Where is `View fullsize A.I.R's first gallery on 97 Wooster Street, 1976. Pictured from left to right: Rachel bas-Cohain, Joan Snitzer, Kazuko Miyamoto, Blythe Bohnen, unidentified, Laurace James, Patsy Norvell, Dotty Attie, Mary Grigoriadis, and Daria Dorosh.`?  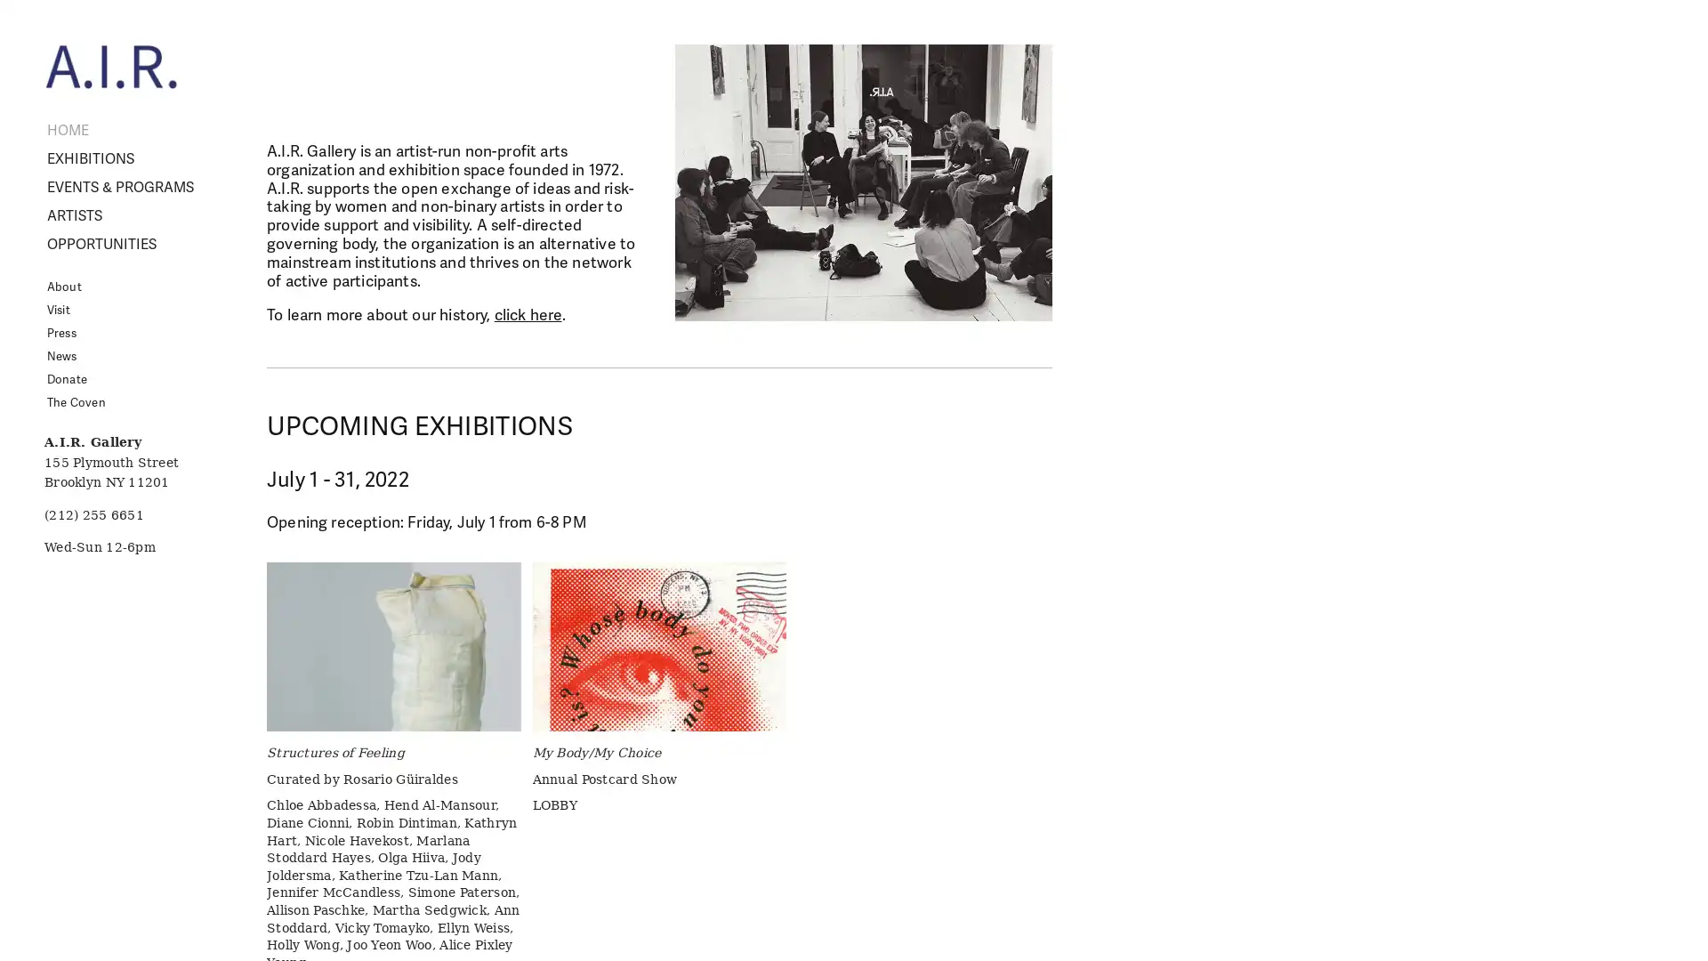 View fullsize A.I.R's first gallery on 97 Wooster Street, 1976. Pictured from left to right: Rachel bas-Cohain, Joan Snitzer, Kazuko Miyamoto, Blythe Bohnen, unidentified, Laurace James, Patsy Norvell, Dotty Attie, Mary Grigoriadis, and Daria Dorosh. is located at coordinates (863, 182).